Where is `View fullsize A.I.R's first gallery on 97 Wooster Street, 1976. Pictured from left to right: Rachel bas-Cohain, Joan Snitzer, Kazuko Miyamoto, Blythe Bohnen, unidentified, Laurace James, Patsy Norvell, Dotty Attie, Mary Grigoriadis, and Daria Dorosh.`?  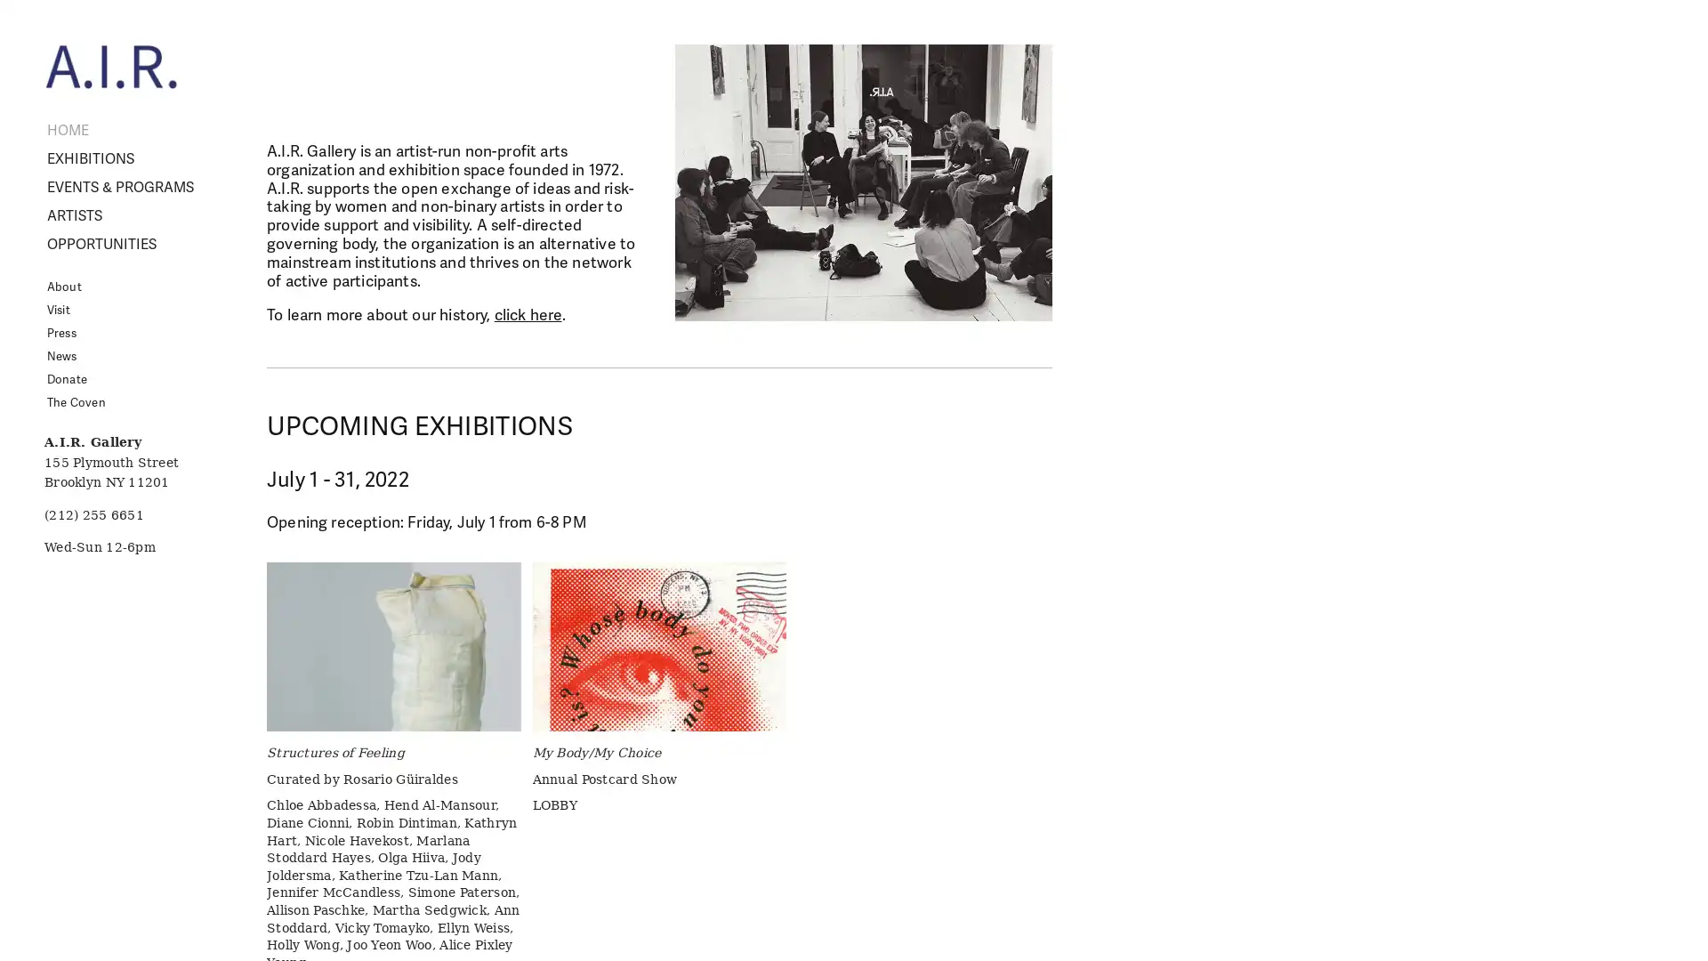 View fullsize A.I.R's first gallery on 97 Wooster Street, 1976. Pictured from left to right: Rachel bas-Cohain, Joan Snitzer, Kazuko Miyamoto, Blythe Bohnen, unidentified, Laurace James, Patsy Norvell, Dotty Attie, Mary Grigoriadis, and Daria Dorosh. is located at coordinates (863, 182).